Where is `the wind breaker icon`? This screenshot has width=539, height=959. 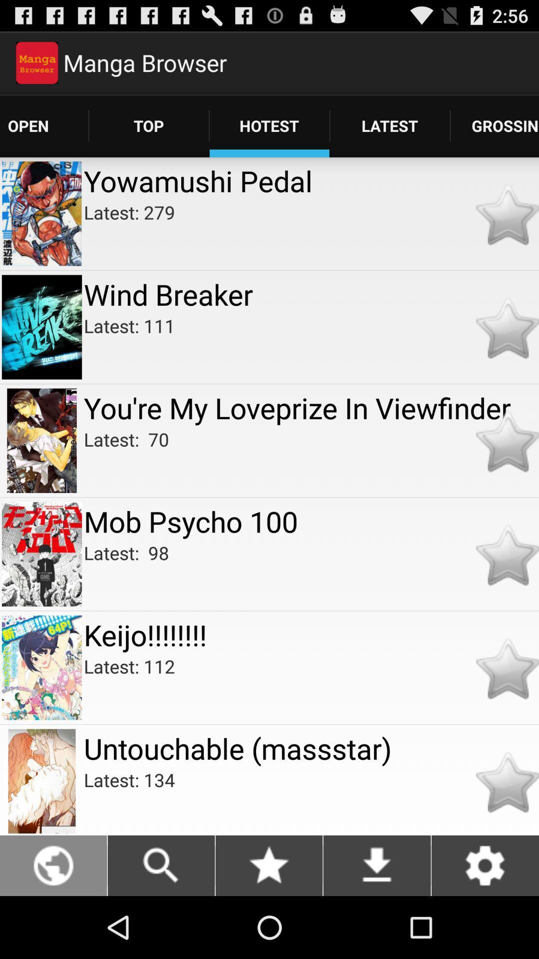
the wind breaker icon is located at coordinates (311, 294).